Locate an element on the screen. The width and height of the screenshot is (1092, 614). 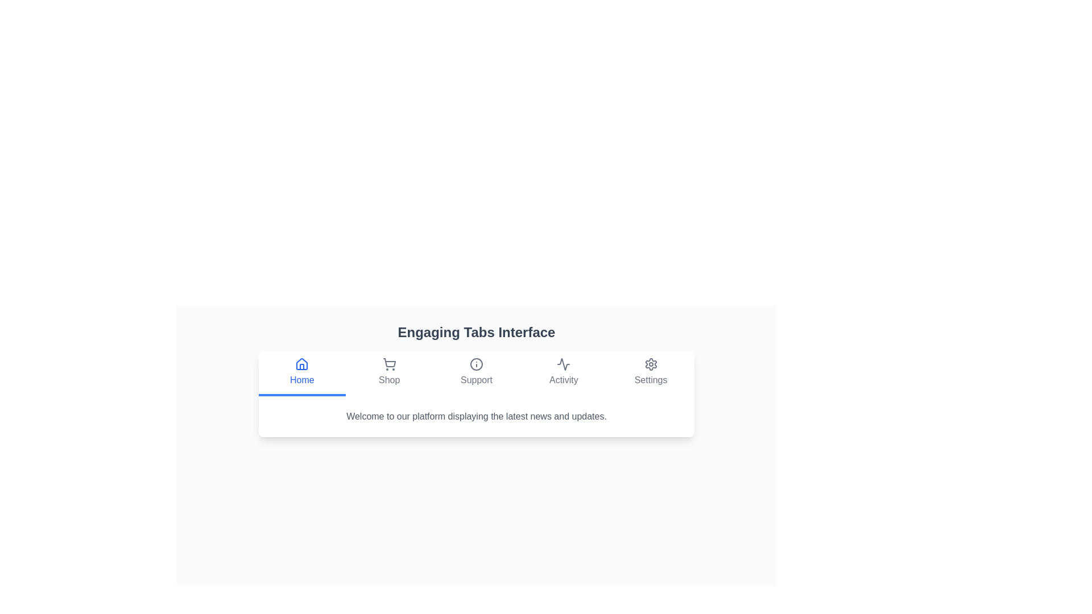
the static text label that displays the section title, which is centrally positioned above the tabbed navigation bar is located at coordinates (477, 333).